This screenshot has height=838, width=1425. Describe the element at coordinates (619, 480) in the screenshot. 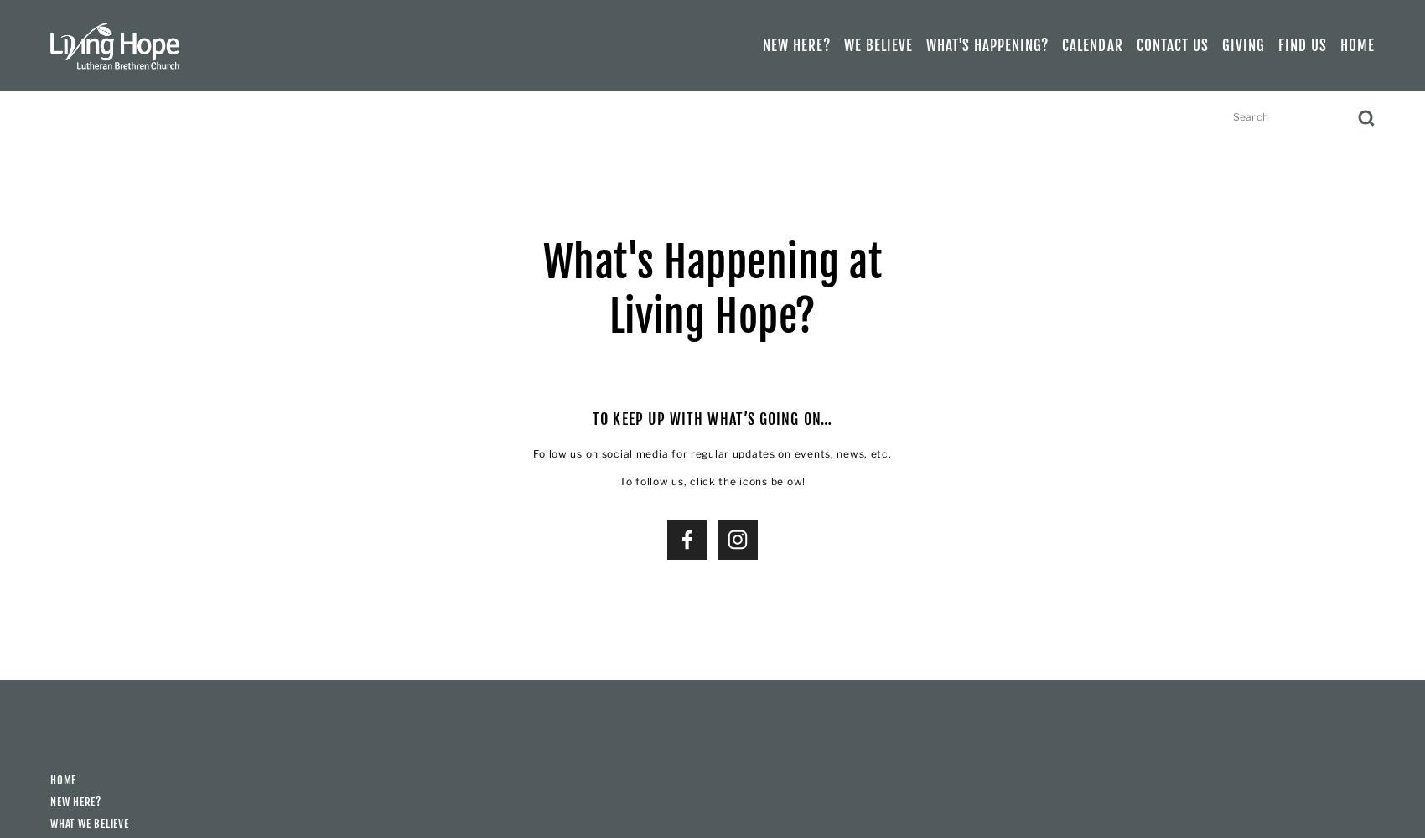

I see `'To follow us, click the icons below!'` at that location.